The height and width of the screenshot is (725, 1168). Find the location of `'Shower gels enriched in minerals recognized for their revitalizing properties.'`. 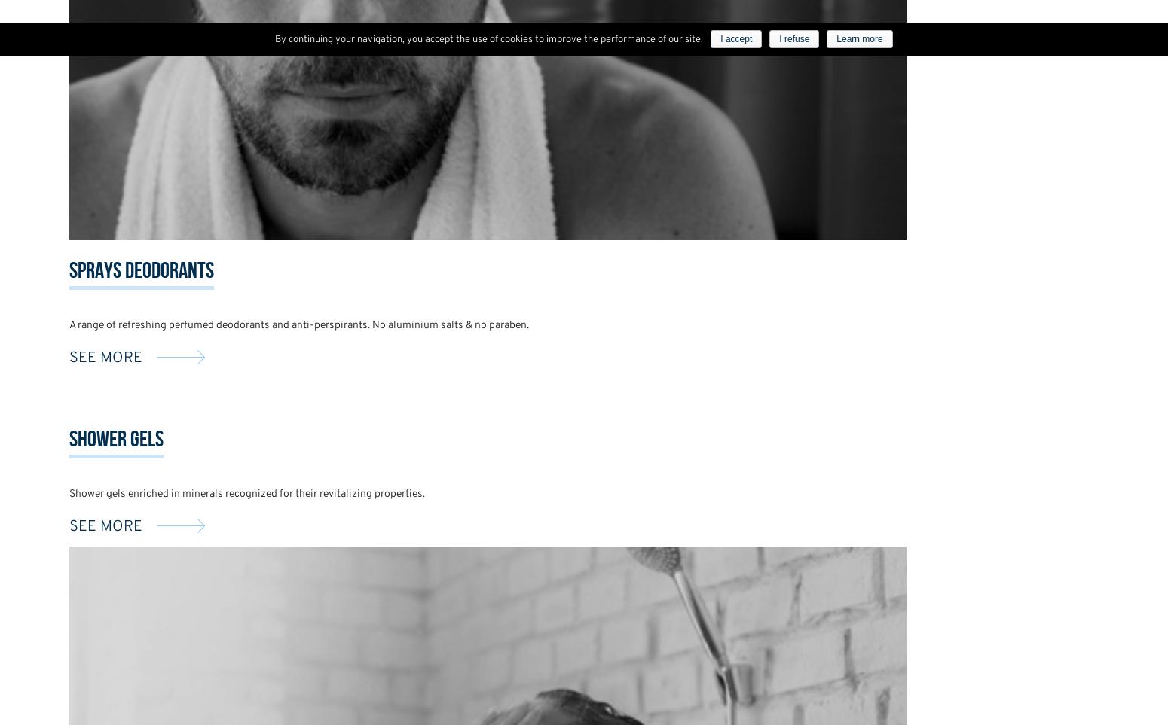

'Shower gels enriched in minerals recognized for their revitalizing properties.' is located at coordinates (246, 493).